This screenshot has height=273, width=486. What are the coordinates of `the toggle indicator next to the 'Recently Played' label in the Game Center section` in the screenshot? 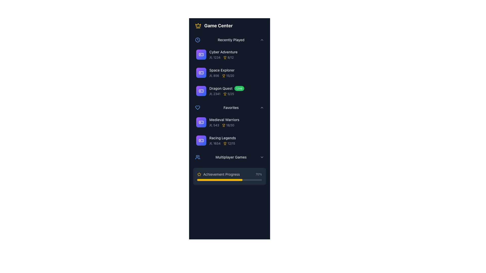 It's located at (262, 40).